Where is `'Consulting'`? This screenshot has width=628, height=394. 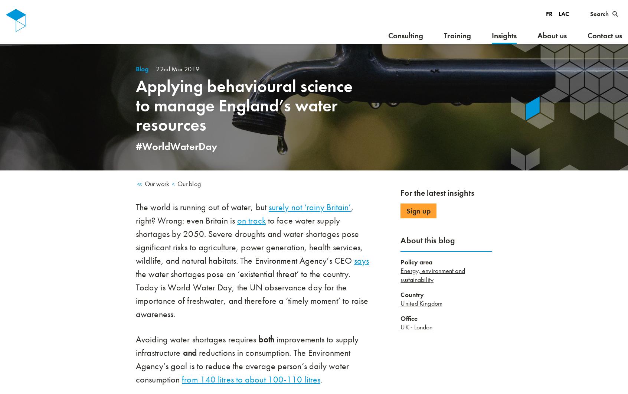 'Consulting' is located at coordinates (406, 35).